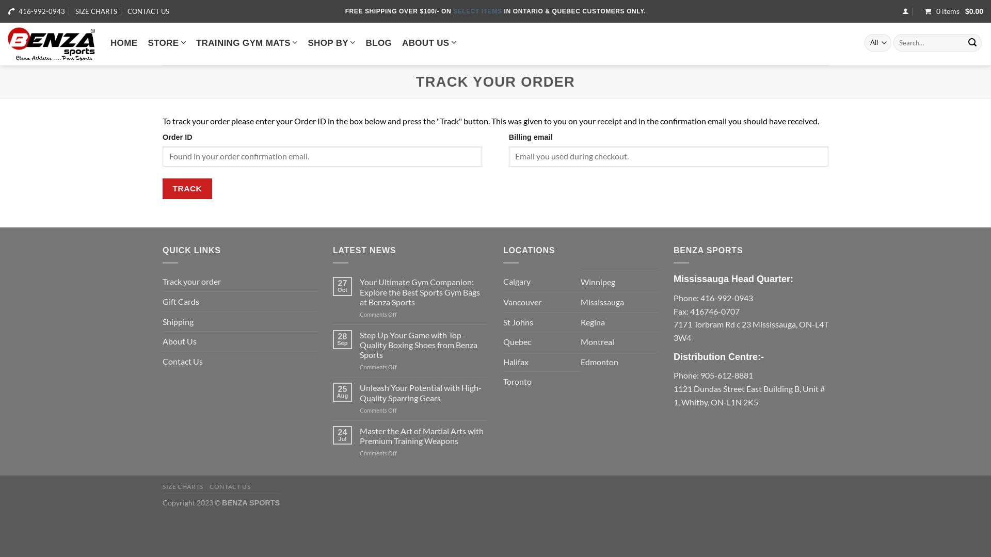 The image size is (991, 557). Describe the element at coordinates (191, 282) in the screenshot. I see `'Track your order'` at that location.